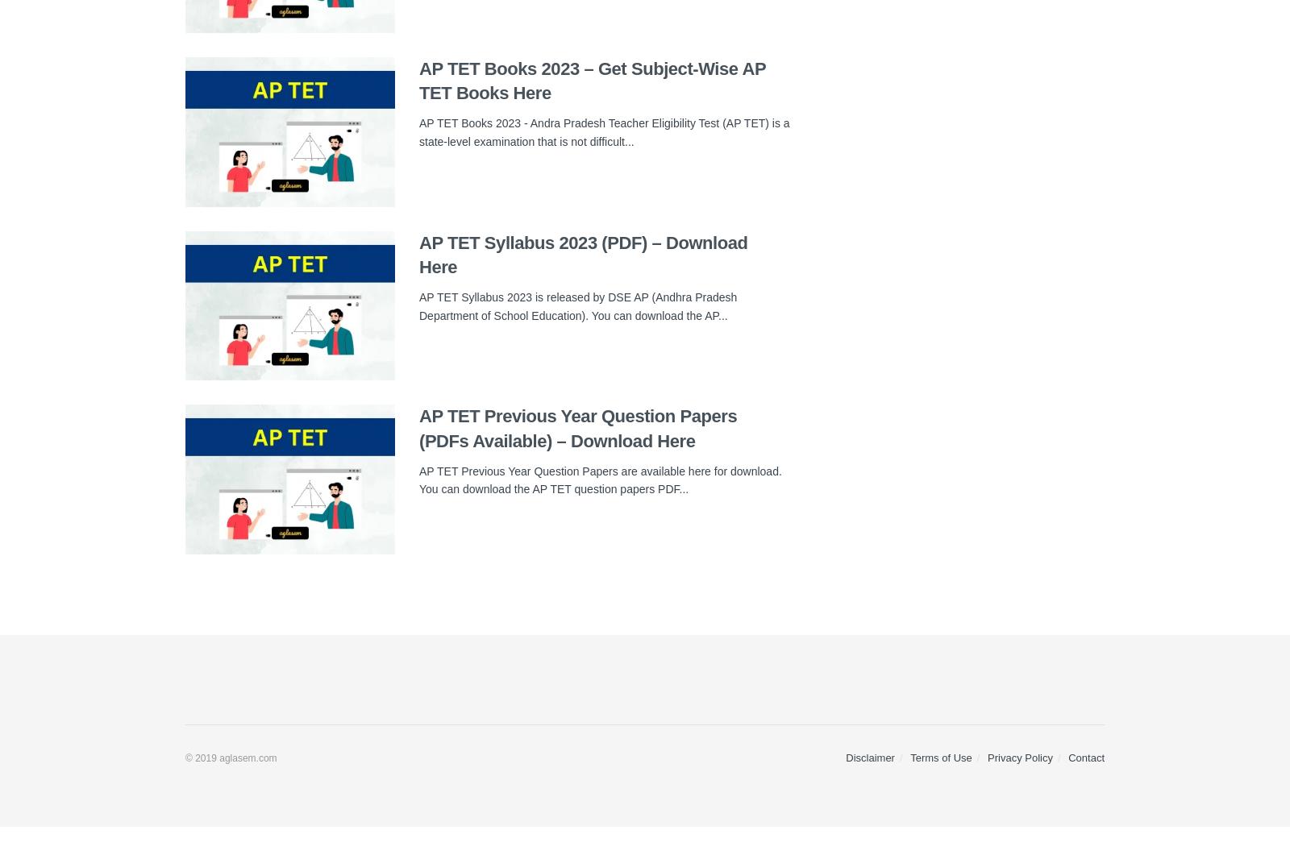  Describe the element at coordinates (583, 254) in the screenshot. I see `'AP TET Syllabus 2023 (PDF) – Download Here'` at that location.